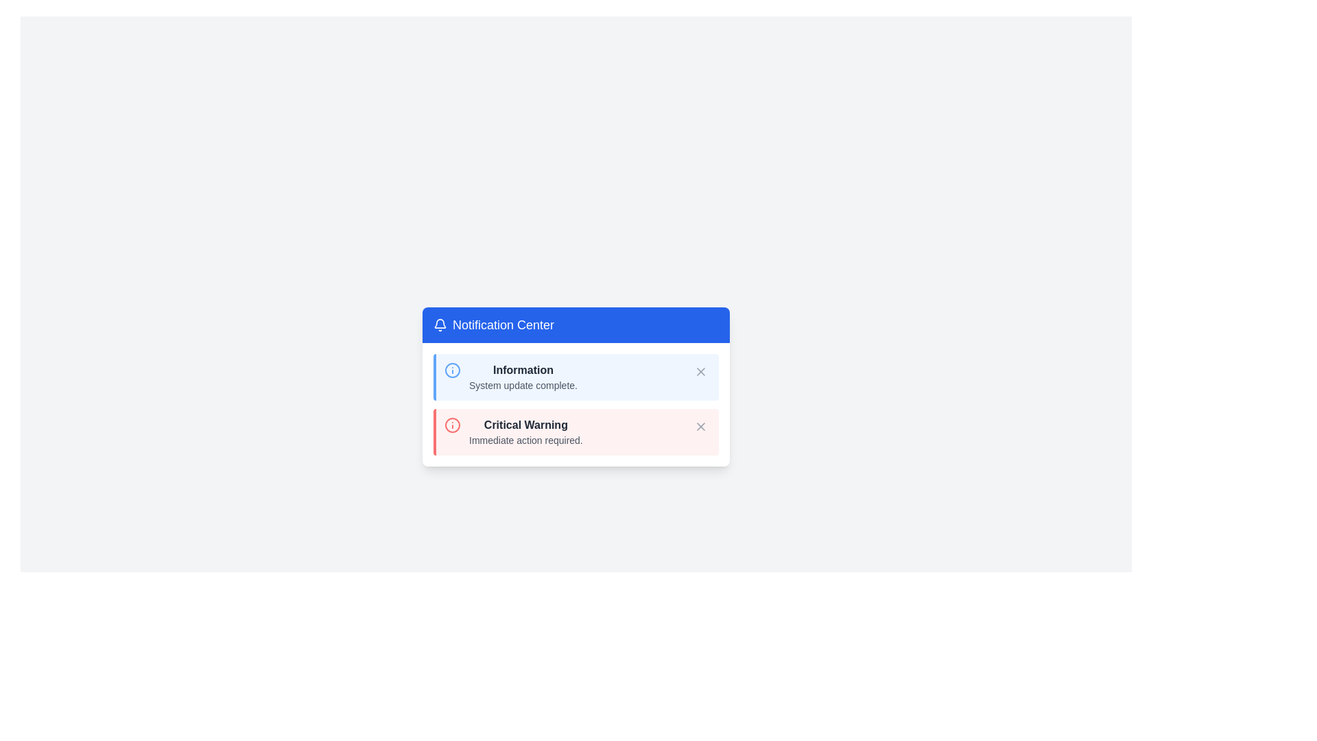 This screenshot has width=1317, height=741. I want to click on the warning alert notification located below the 'Information' notification in the notification panel, so click(525, 431).